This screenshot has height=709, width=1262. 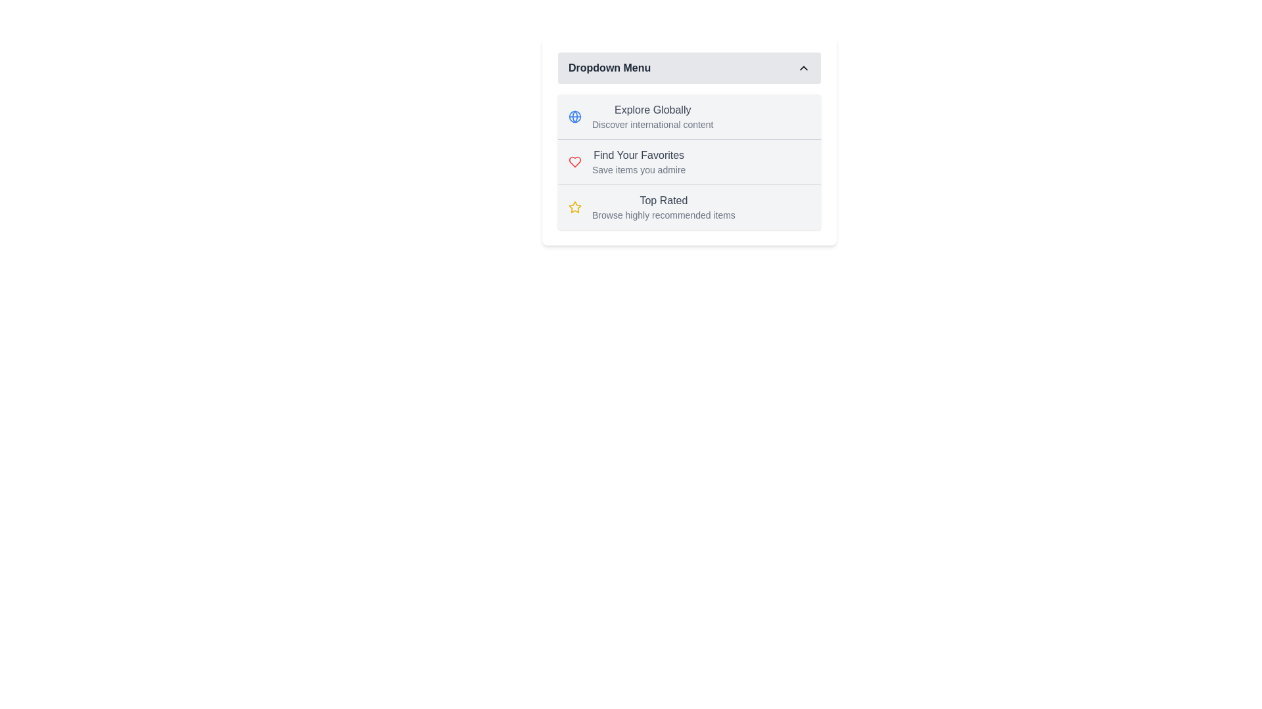 I want to click on the descriptive subtext element located directly below the 'Top Rated' text within the dropdown menu layout, so click(x=663, y=214).